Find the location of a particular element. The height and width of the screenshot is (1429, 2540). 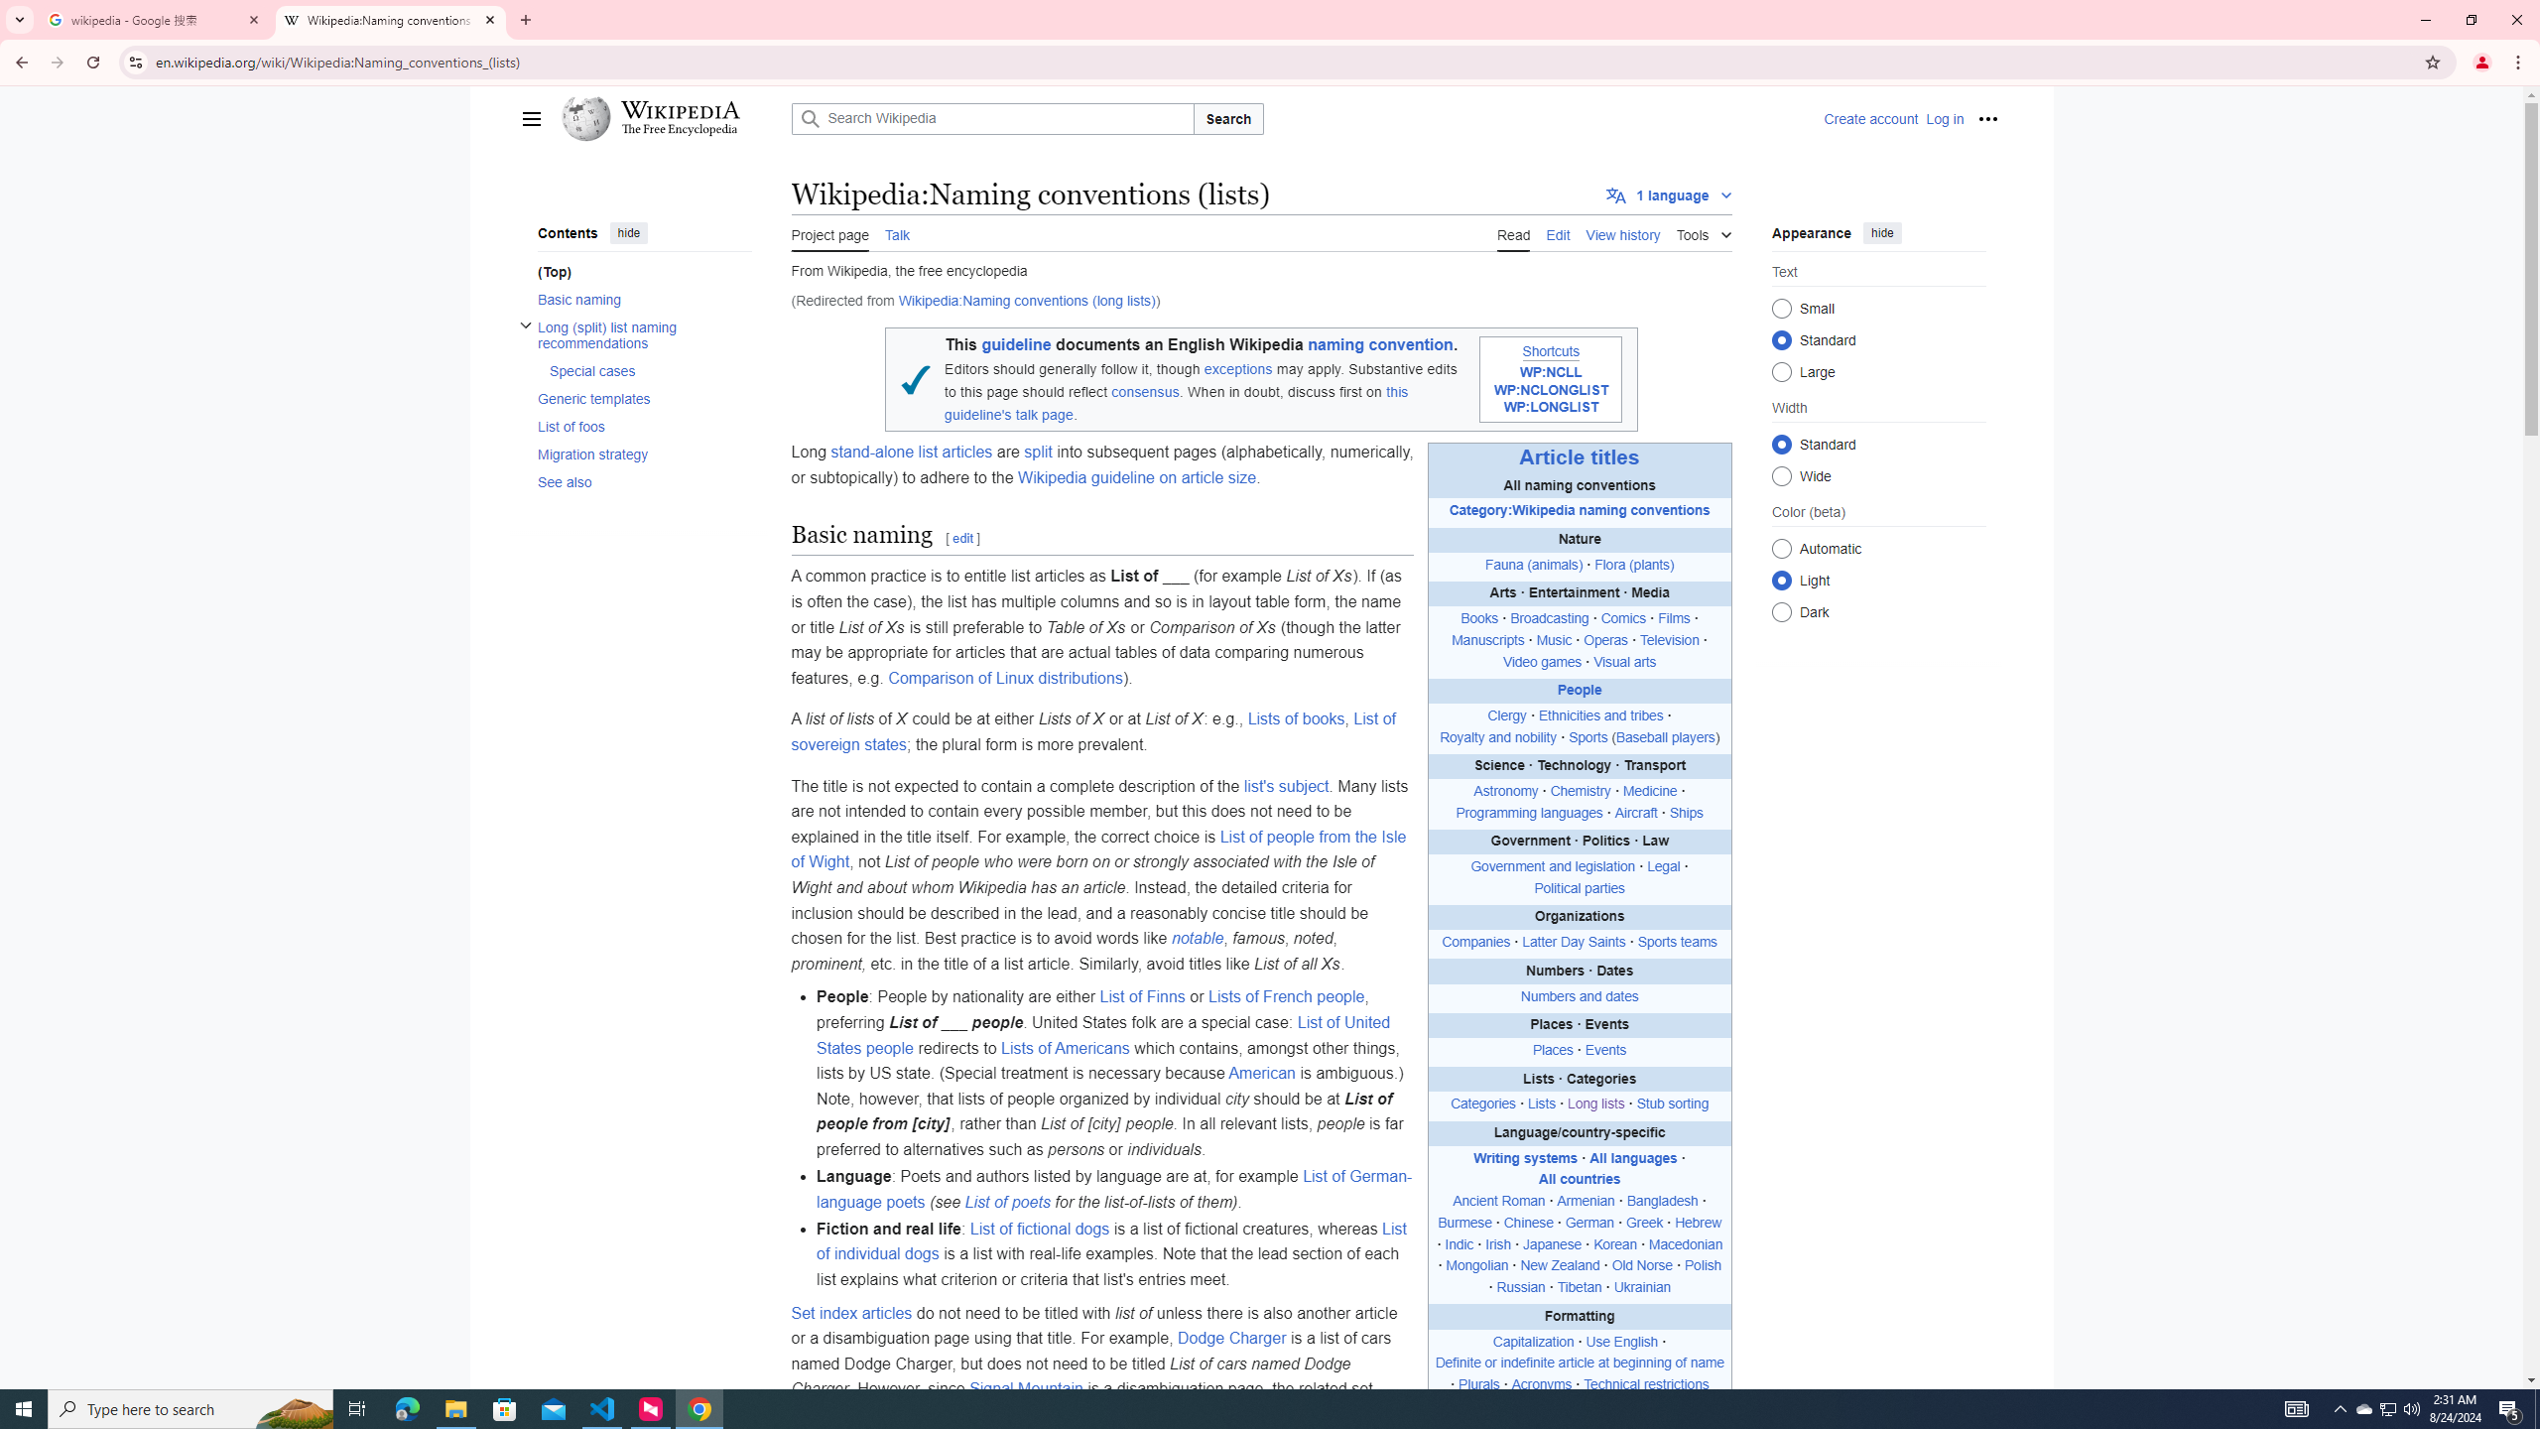

'Set index articles' is located at coordinates (849, 1311).